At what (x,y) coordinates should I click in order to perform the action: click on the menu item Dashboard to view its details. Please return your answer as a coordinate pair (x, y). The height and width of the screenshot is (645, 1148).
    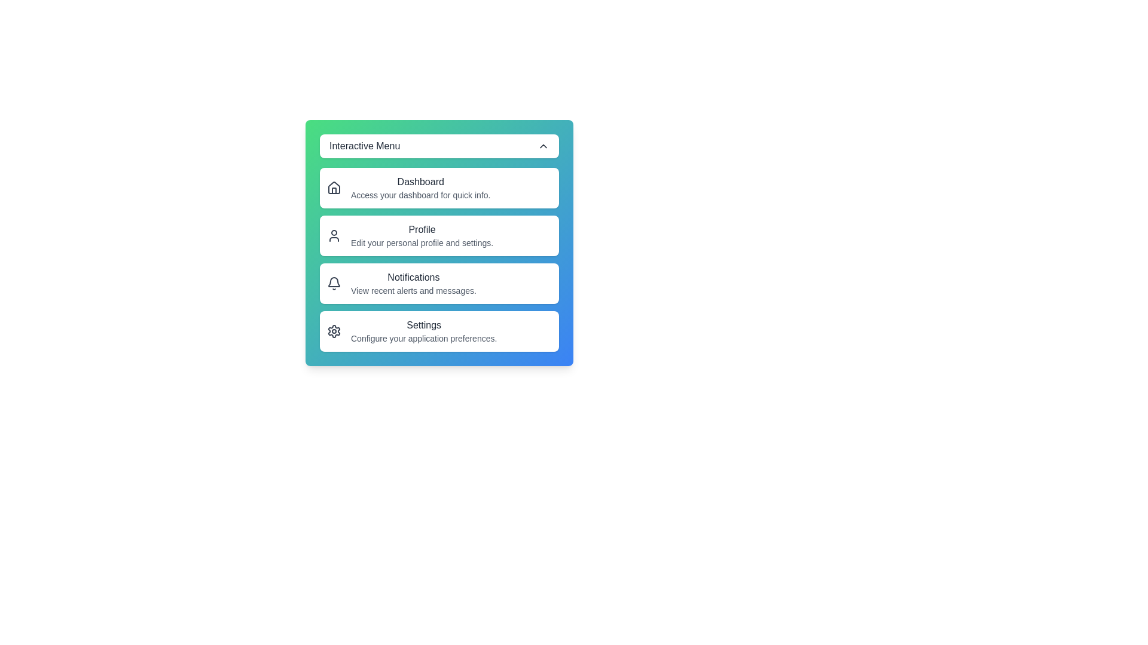
    Looking at the image, I should click on (438, 188).